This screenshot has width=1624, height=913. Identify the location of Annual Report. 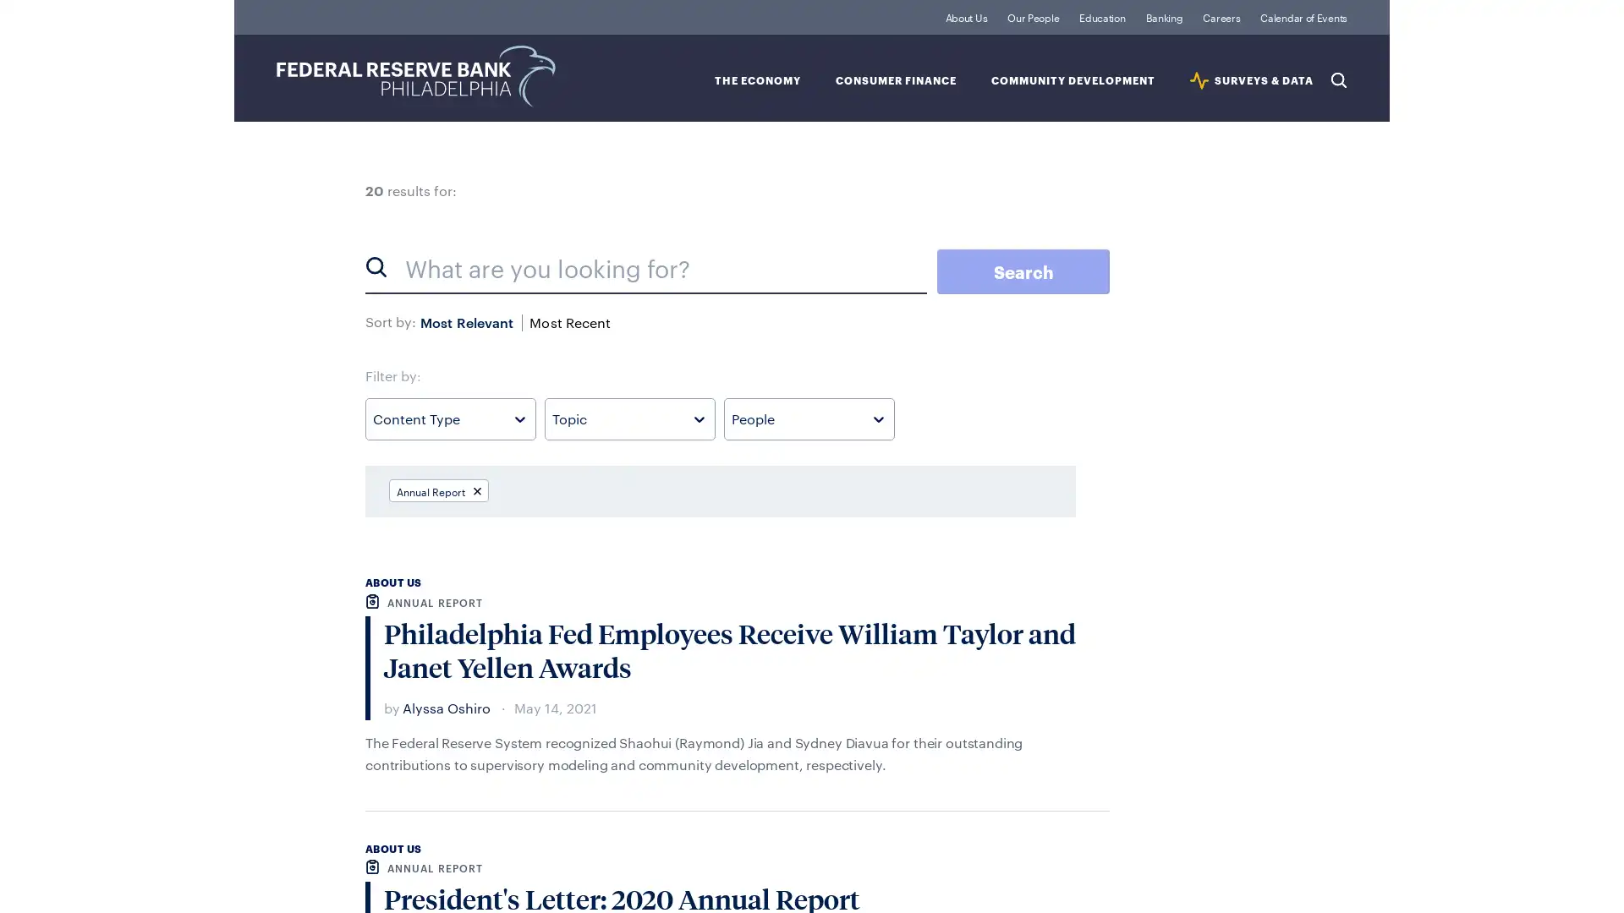
(438, 489).